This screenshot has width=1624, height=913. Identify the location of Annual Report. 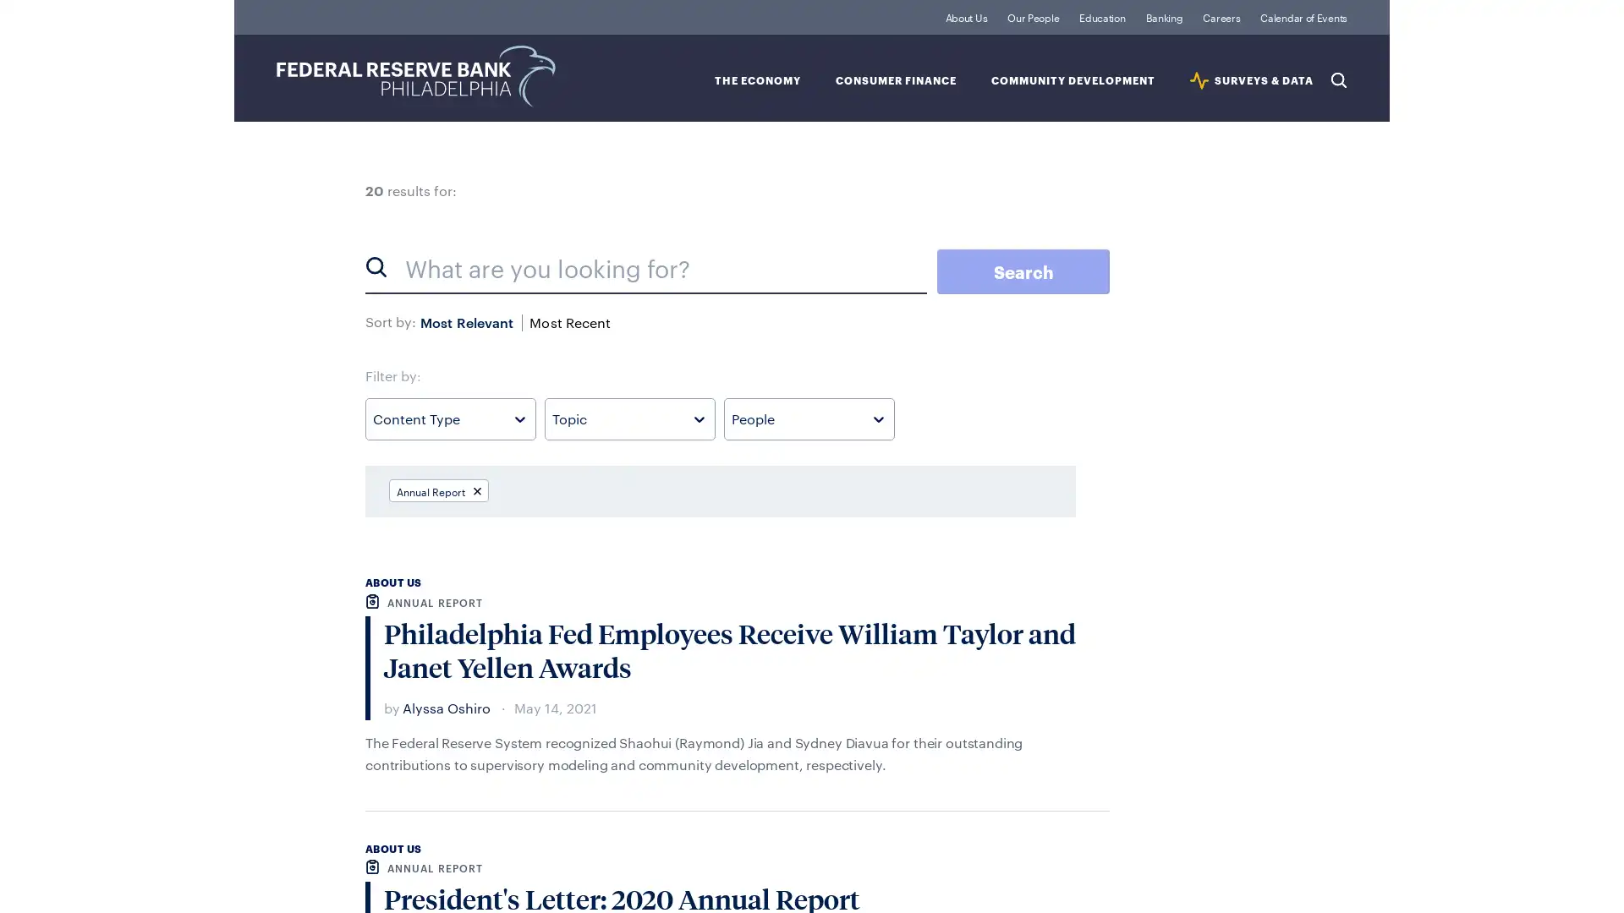
(438, 489).